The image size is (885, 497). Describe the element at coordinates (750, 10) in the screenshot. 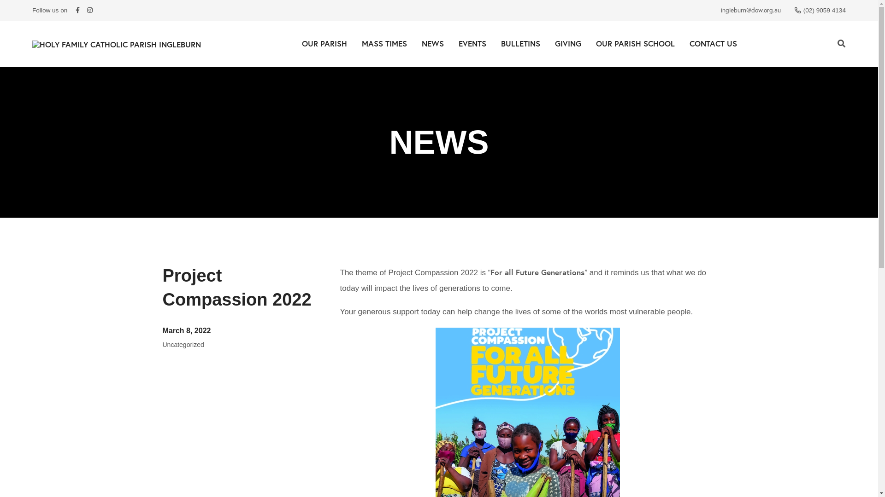

I see `'ingleburn@dow.org.au'` at that location.